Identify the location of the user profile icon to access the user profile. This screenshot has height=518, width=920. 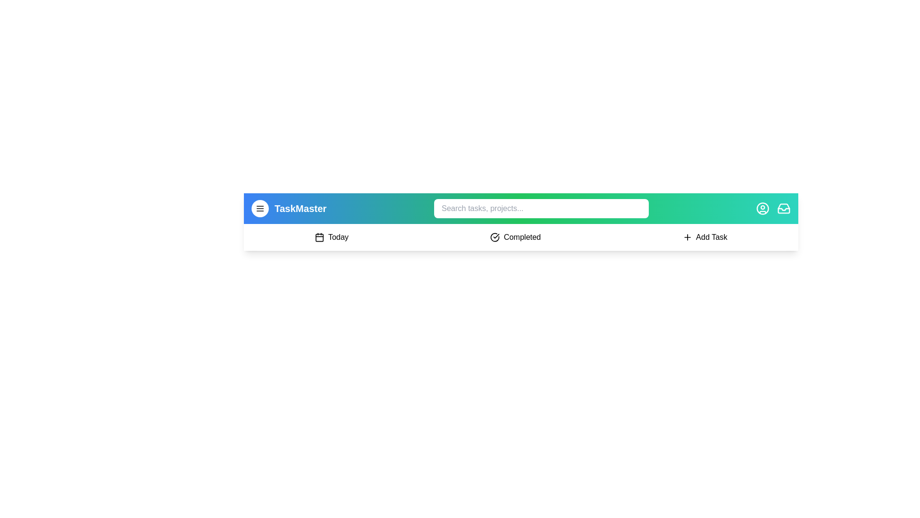
(762, 208).